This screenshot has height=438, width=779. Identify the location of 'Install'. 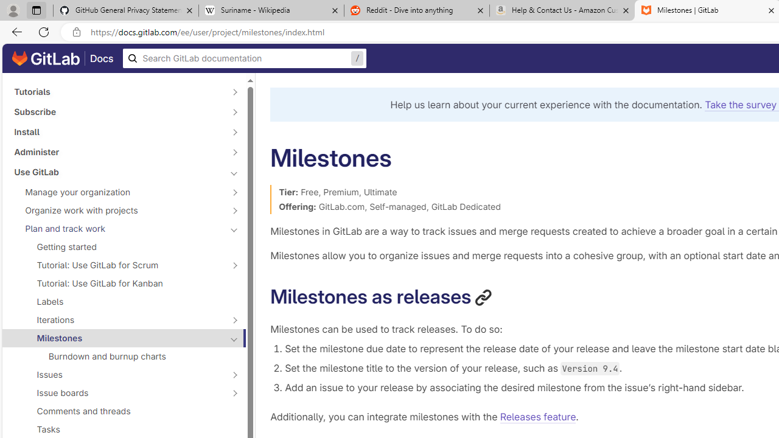
(117, 132).